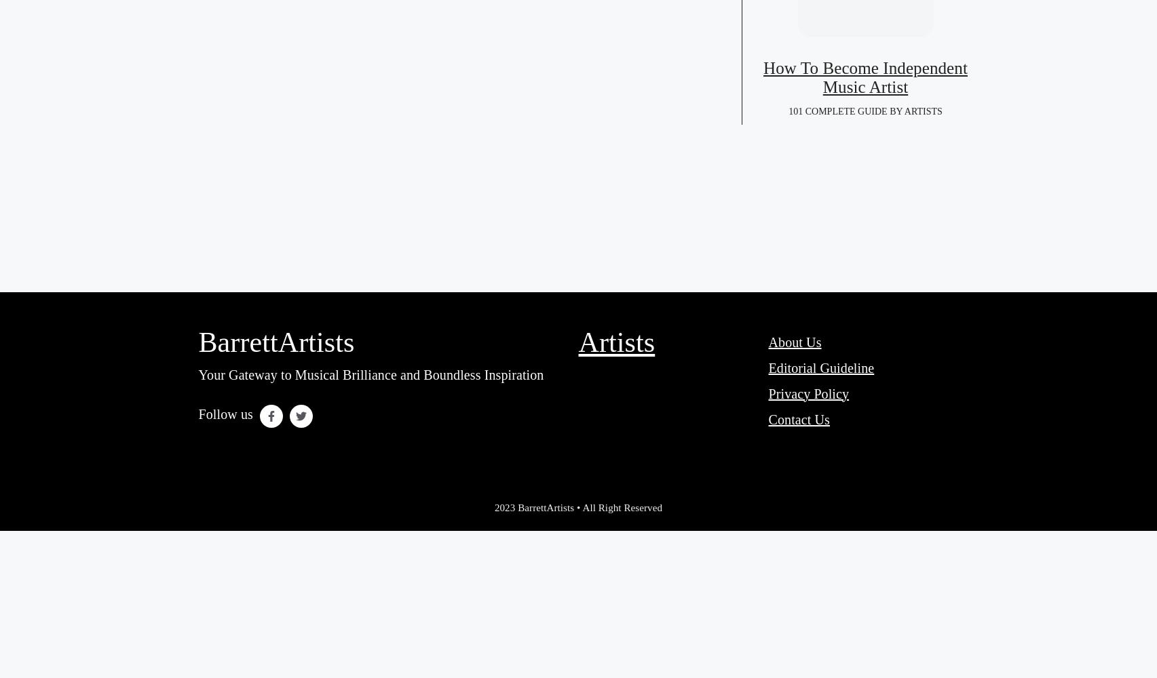 The width and height of the screenshot is (1157, 678). I want to click on 'Artists', so click(615, 342).